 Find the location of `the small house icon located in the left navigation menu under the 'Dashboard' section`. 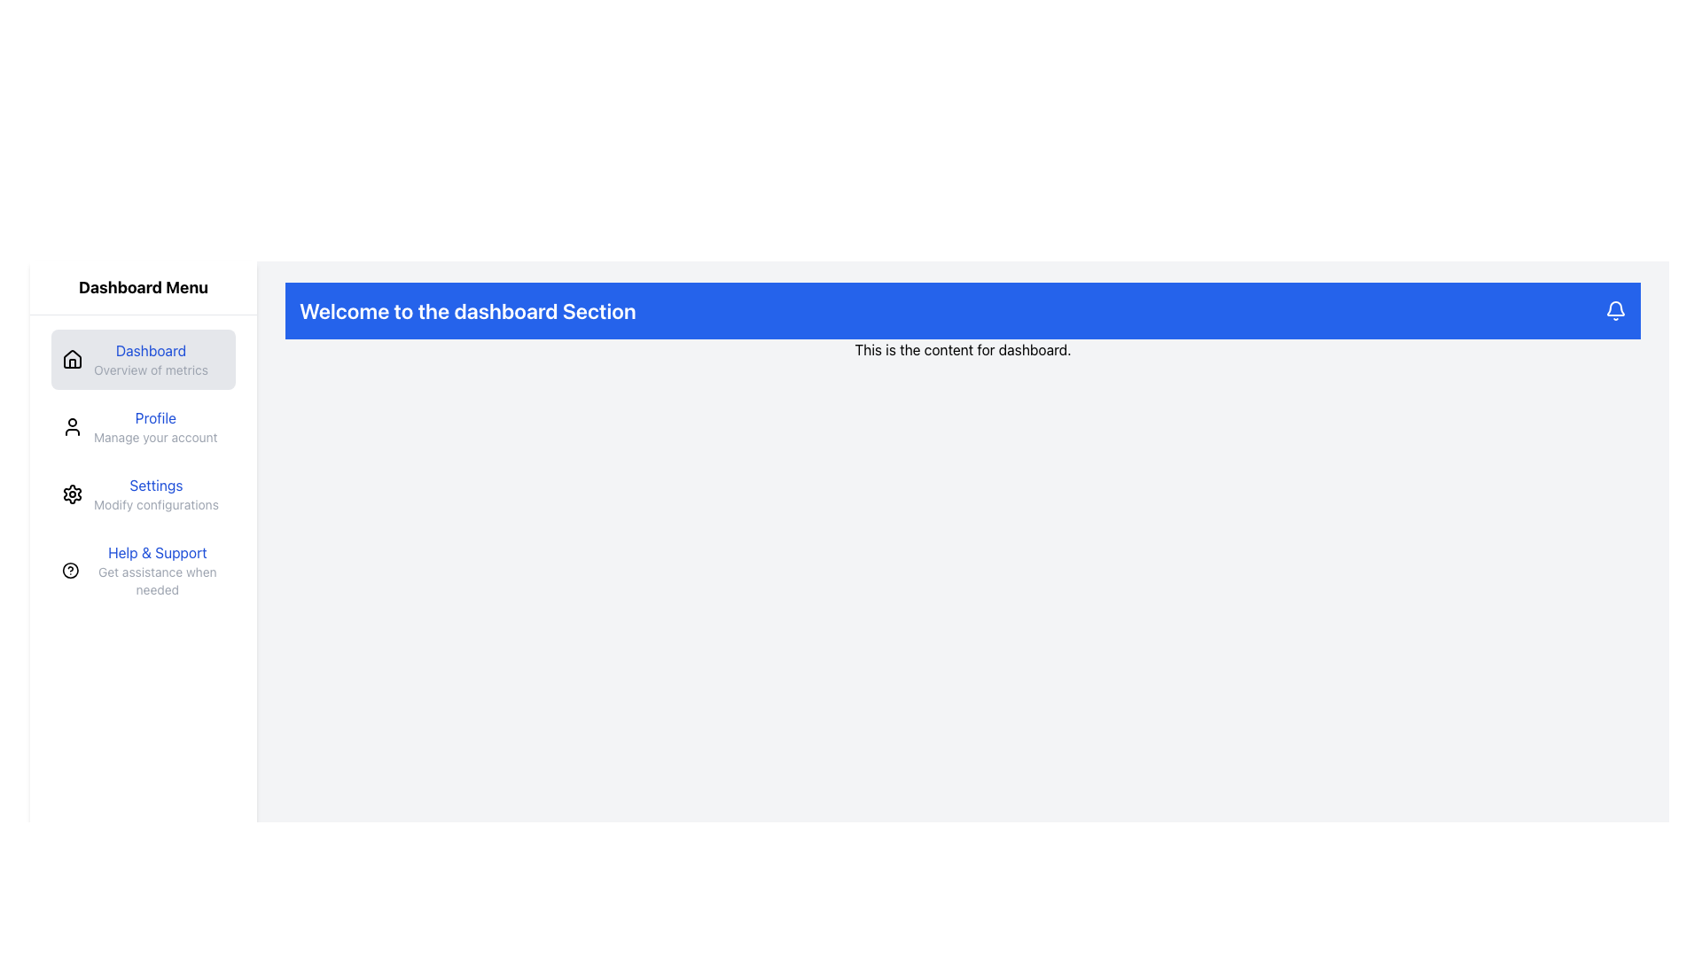

the small house icon located in the left navigation menu under the 'Dashboard' section is located at coordinates (71, 359).